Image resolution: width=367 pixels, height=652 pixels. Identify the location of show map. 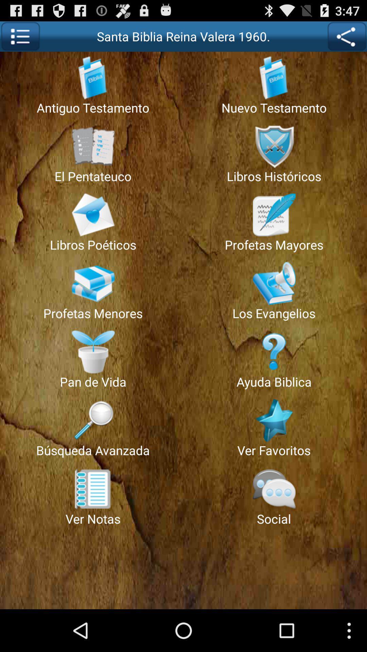
(347, 36).